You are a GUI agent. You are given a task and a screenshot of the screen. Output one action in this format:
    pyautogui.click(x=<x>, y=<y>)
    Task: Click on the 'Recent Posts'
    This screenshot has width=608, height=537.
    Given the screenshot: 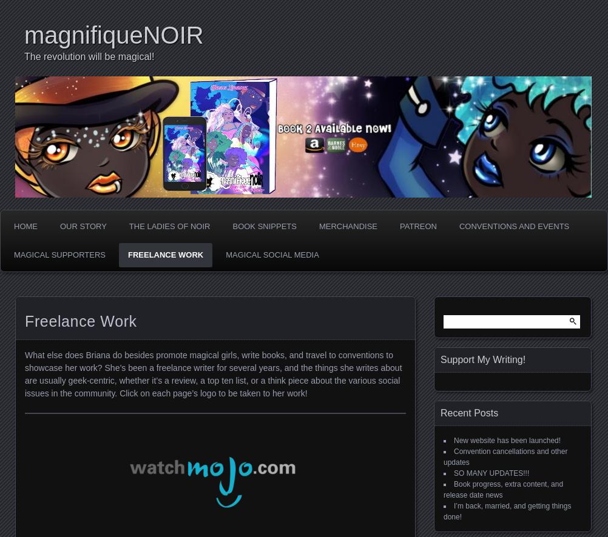 What is the action you would take?
    pyautogui.click(x=441, y=412)
    